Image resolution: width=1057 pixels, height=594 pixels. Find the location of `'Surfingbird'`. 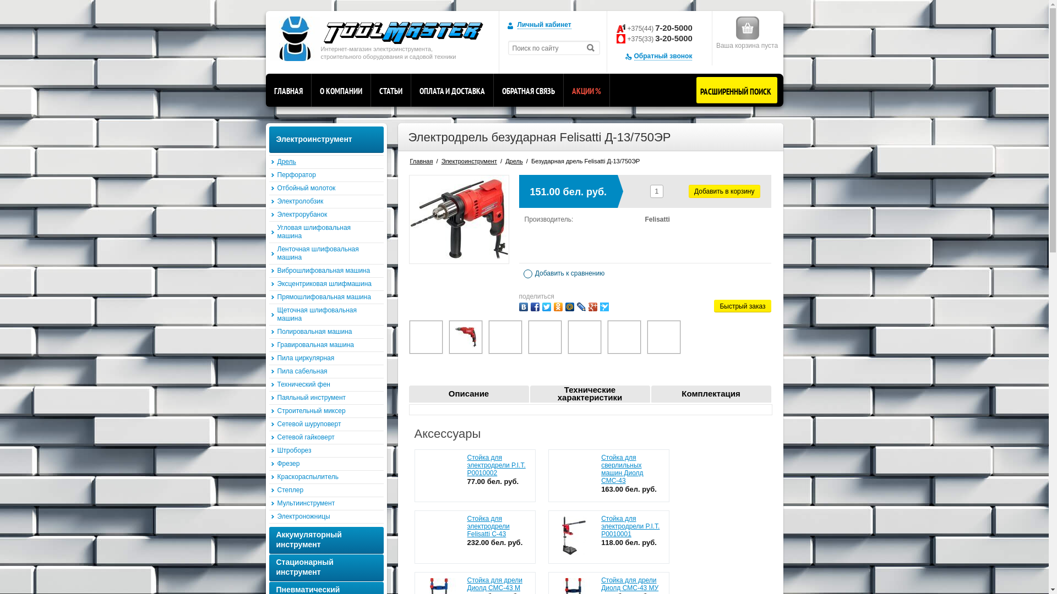

'Surfingbird' is located at coordinates (604, 307).